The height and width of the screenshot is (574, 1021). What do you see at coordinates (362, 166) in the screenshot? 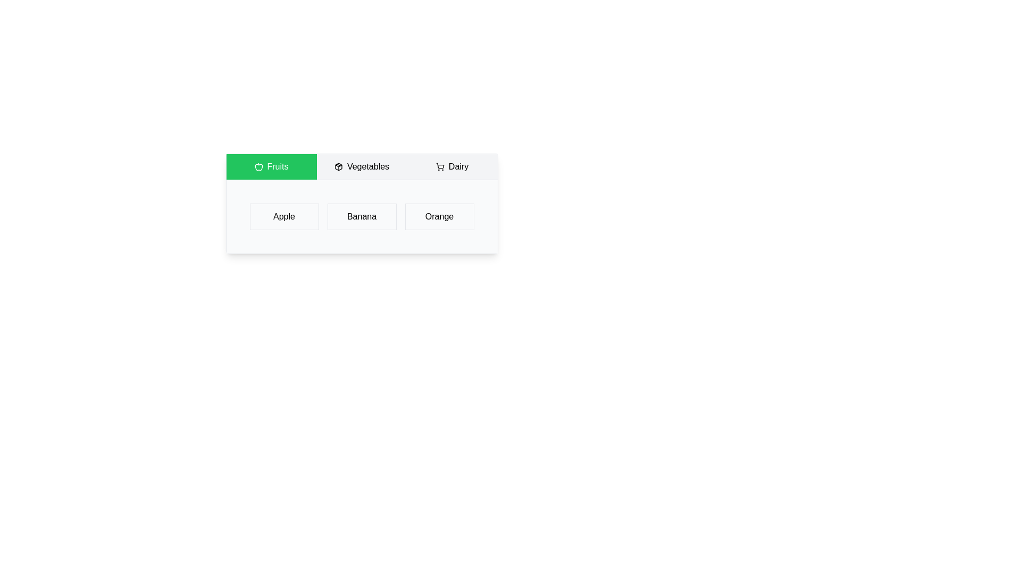
I see `the tab labeled Vegetables to observe its hover effect` at bounding box center [362, 166].